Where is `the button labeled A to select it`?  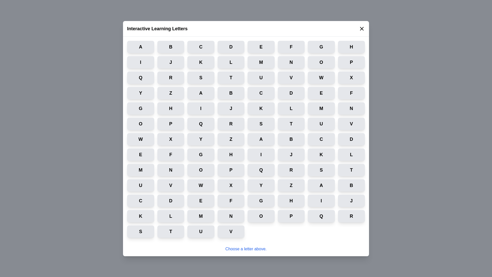 the button labeled A to select it is located at coordinates (140, 47).